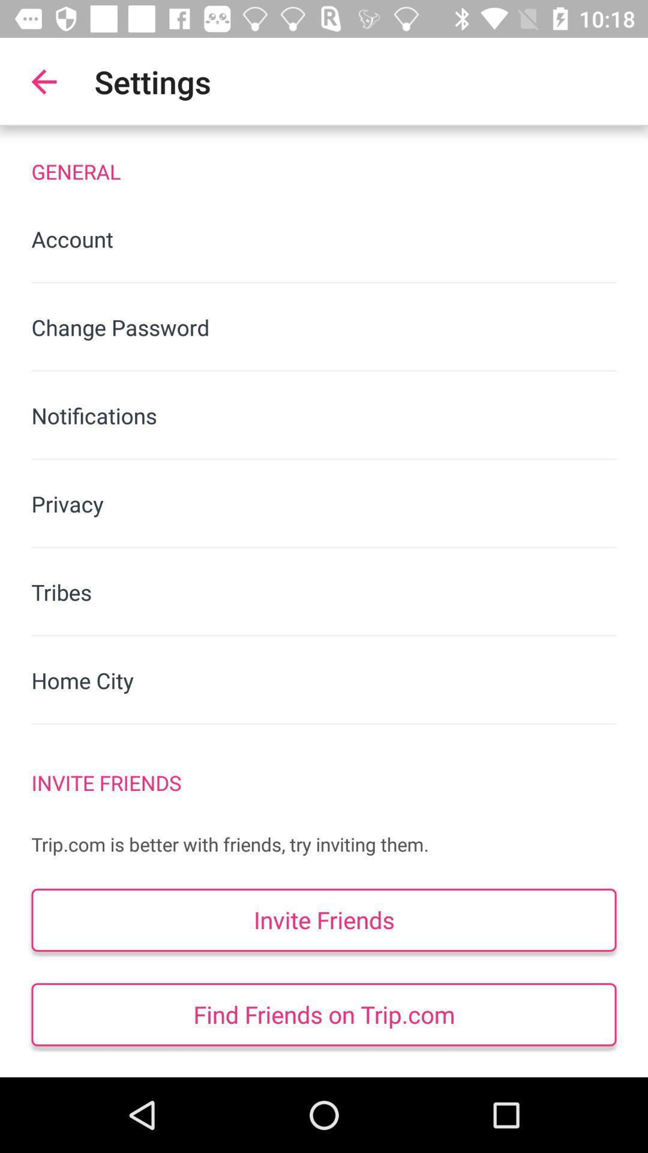 The width and height of the screenshot is (648, 1153). Describe the element at coordinates (324, 1014) in the screenshot. I see `the find friends on icon` at that location.